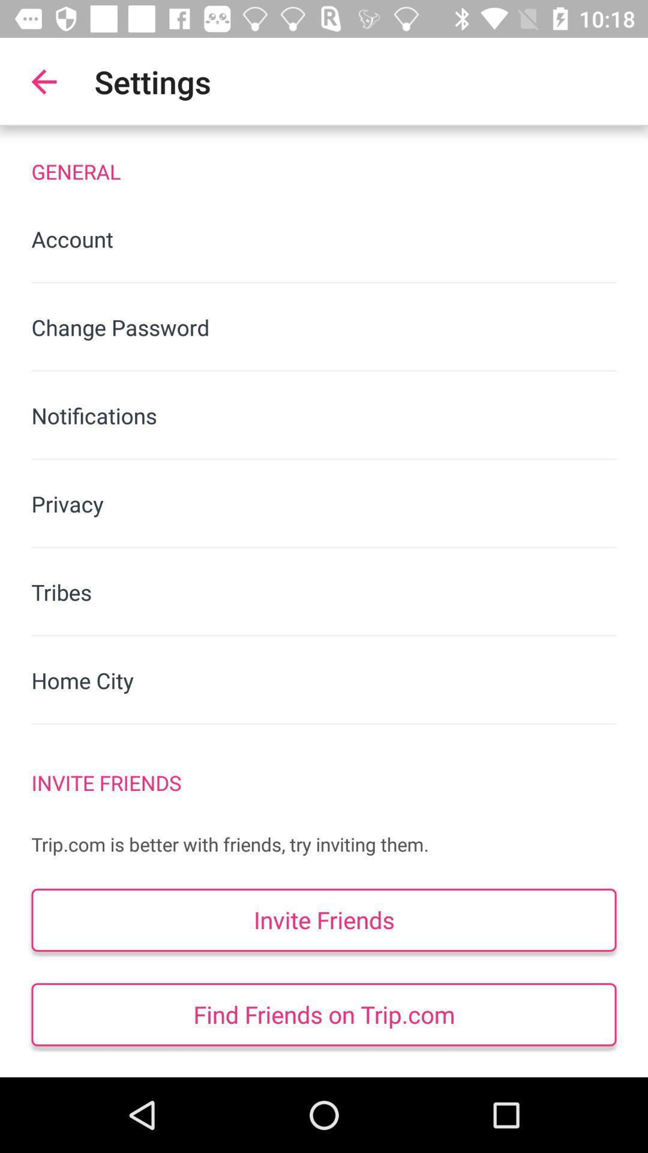 The width and height of the screenshot is (648, 1153). Describe the element at coordinates (324, 1014) in the screenshot. I see `the find friends on icon` at that location.